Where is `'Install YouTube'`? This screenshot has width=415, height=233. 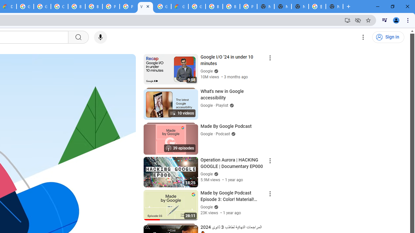
'Install YouTube' is located at coordinates (347, 20).